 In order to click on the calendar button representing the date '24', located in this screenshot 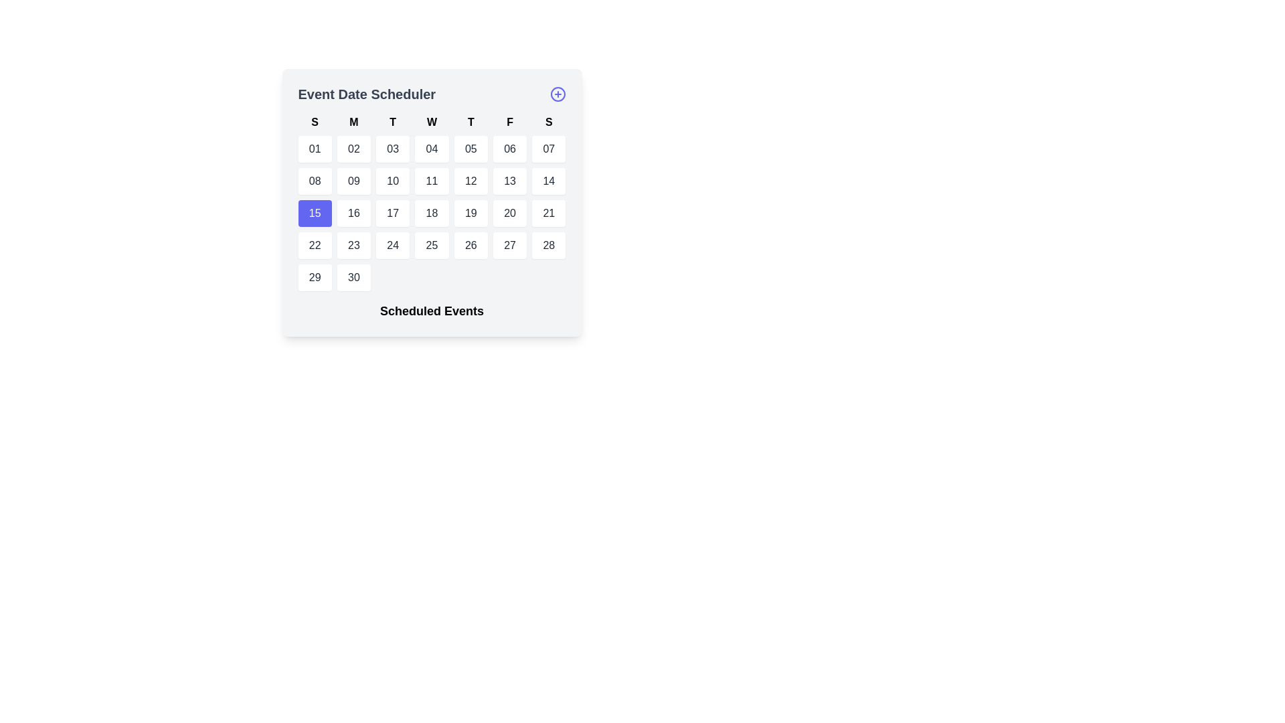, I will do `click(392, 245)`.